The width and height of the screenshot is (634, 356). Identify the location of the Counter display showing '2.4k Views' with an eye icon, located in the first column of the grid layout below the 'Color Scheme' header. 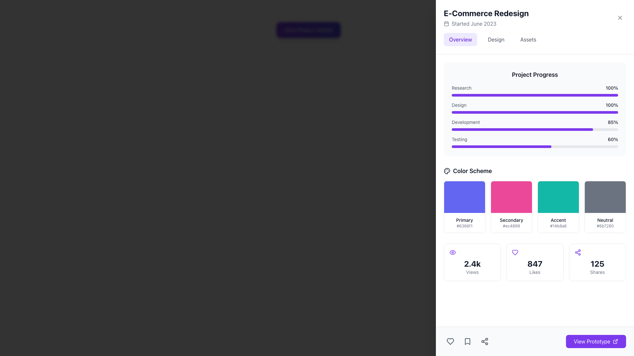
(472, 262).